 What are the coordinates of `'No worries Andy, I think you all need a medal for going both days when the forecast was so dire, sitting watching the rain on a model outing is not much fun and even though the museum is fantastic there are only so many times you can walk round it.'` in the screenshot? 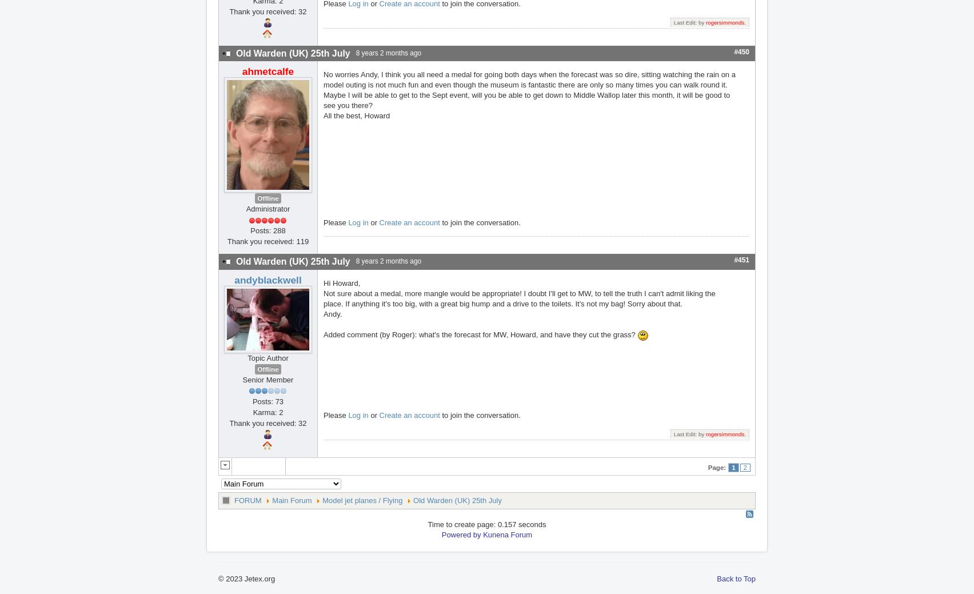 It's located at (324, 79).